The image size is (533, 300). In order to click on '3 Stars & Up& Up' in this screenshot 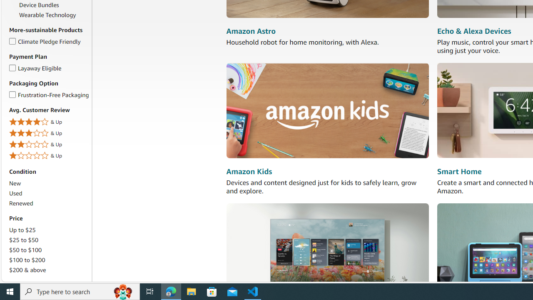, I will do `click(48, 133)`.